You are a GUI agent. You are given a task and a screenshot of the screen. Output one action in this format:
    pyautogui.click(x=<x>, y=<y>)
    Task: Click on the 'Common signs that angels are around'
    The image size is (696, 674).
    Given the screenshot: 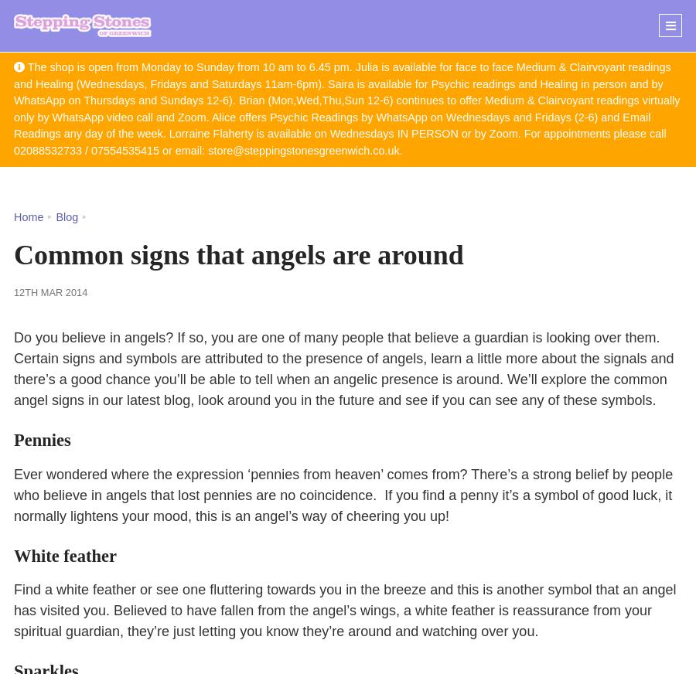 What is the action you would take?
    pyautogui.click(x=13, y=254)
    